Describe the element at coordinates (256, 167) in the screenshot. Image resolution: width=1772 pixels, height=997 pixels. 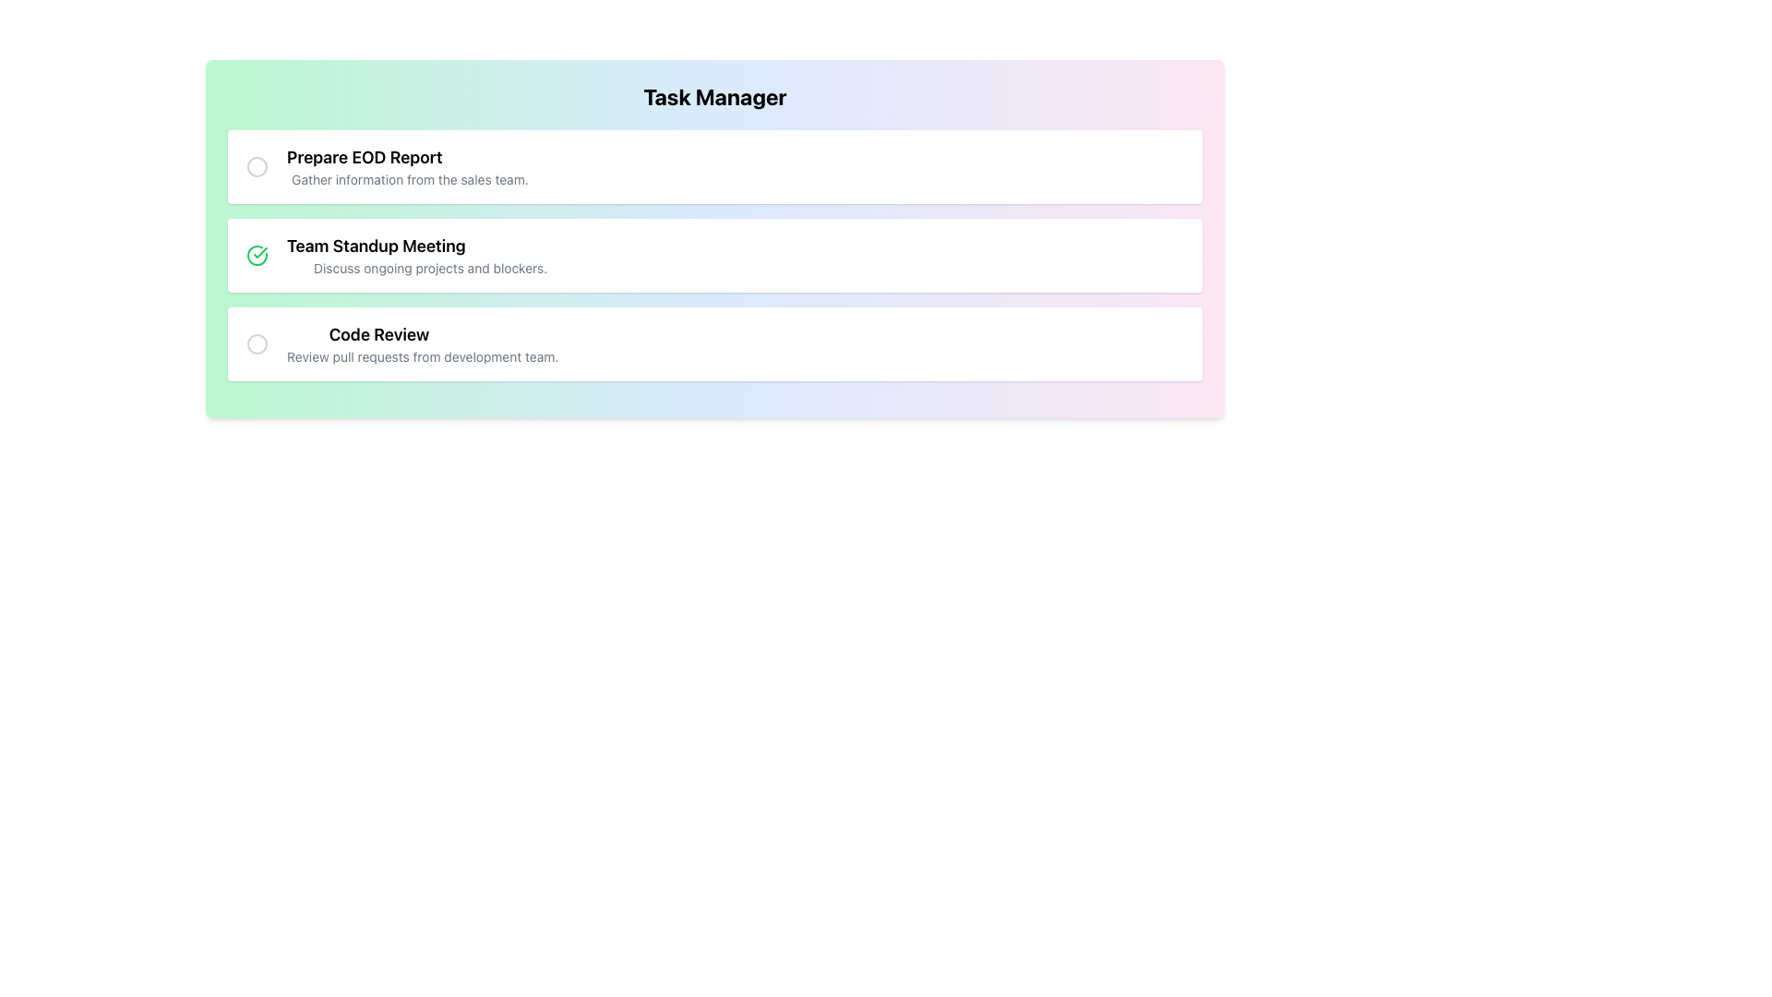
I see `the decorative SVG circle adjacent to the first task description in the task list` at that location.